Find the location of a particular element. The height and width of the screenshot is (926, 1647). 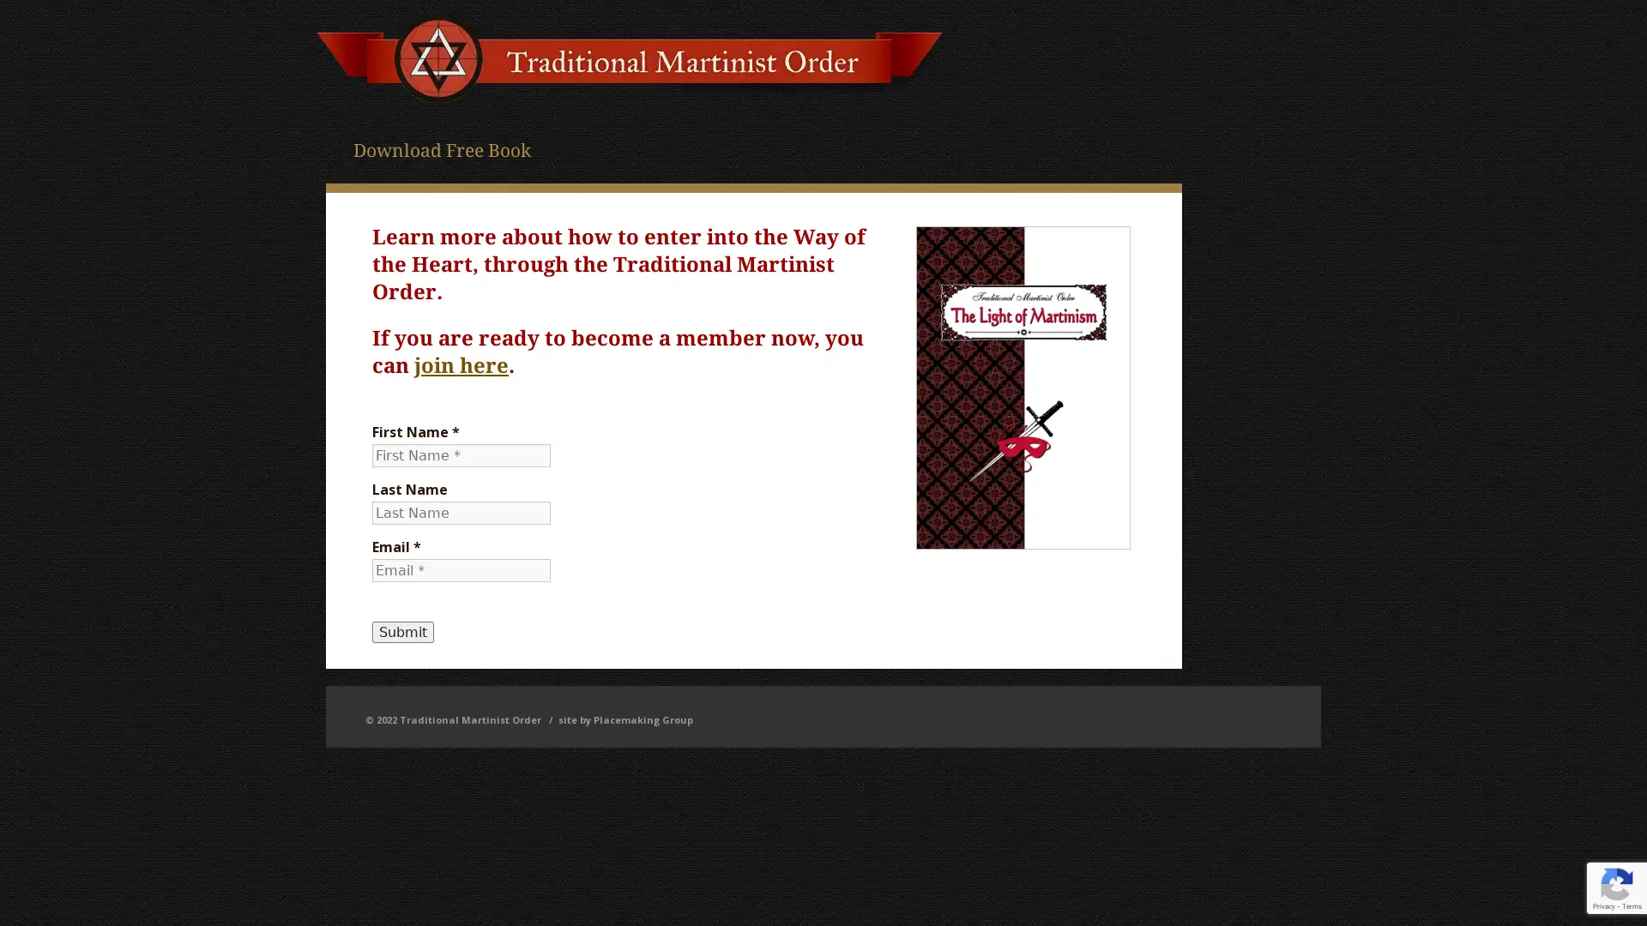

Submit is located at coordinates (402, 632).